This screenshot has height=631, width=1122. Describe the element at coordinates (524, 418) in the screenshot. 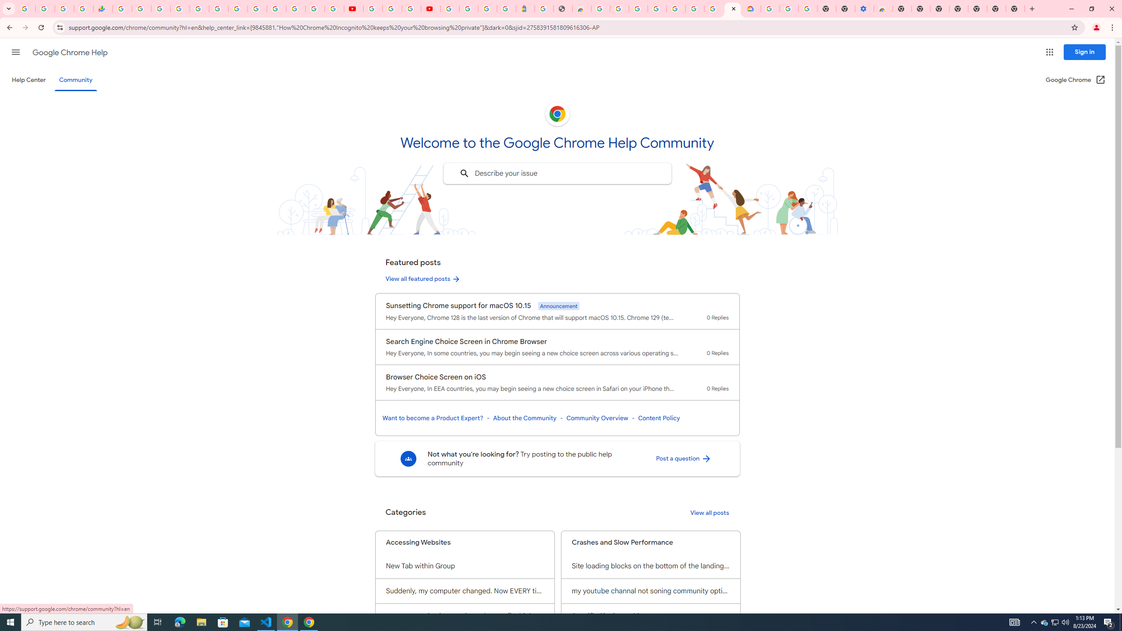

I see `'About the Community'` at that location.